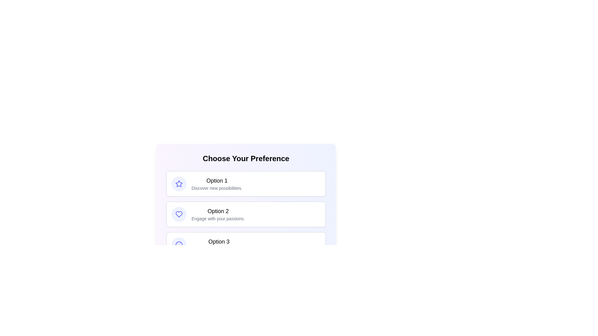 The height and width of the screenshot is (336, 598). I want to click on the descriptive text label providing context for 'Option 1' located directly below the main title in the top section of the card stack under 'Choose Your Preference.', so click(217, 188).